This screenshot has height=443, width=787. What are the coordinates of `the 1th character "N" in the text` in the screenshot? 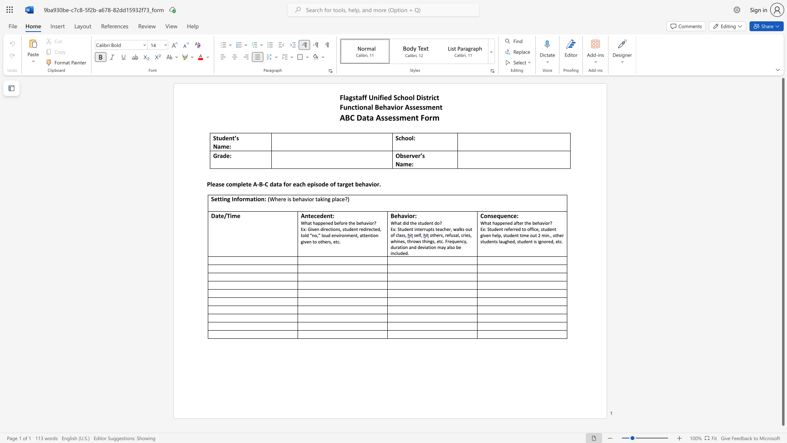 It's located at (215, 146).